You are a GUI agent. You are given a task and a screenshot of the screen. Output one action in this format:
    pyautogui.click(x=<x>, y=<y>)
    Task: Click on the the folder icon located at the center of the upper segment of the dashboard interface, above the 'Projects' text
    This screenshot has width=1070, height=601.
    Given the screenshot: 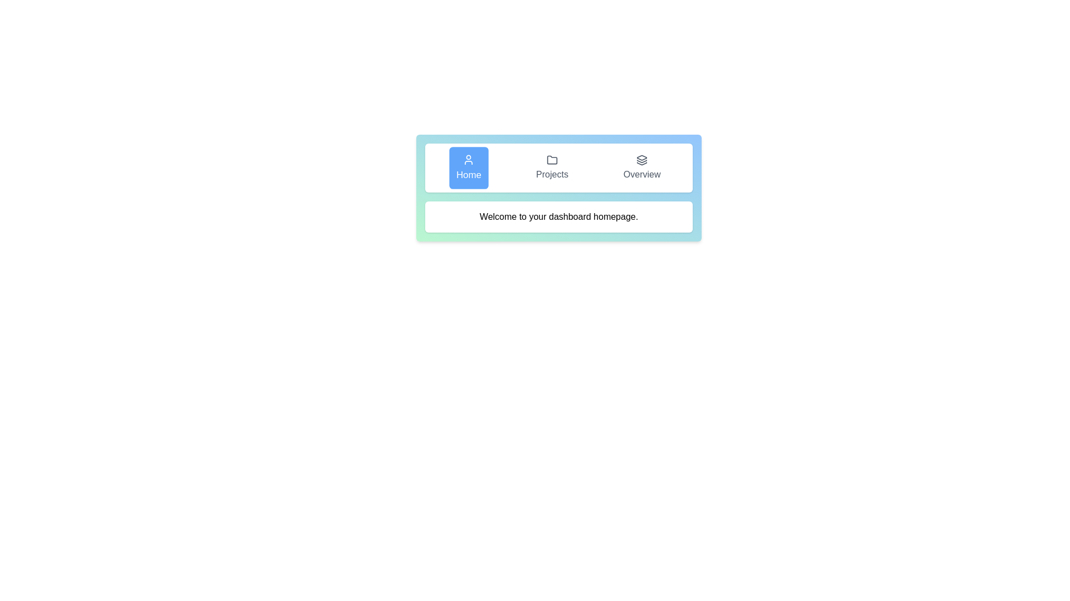 What is the action you would take?
    pyautogui.click(x=552, y=160)
    